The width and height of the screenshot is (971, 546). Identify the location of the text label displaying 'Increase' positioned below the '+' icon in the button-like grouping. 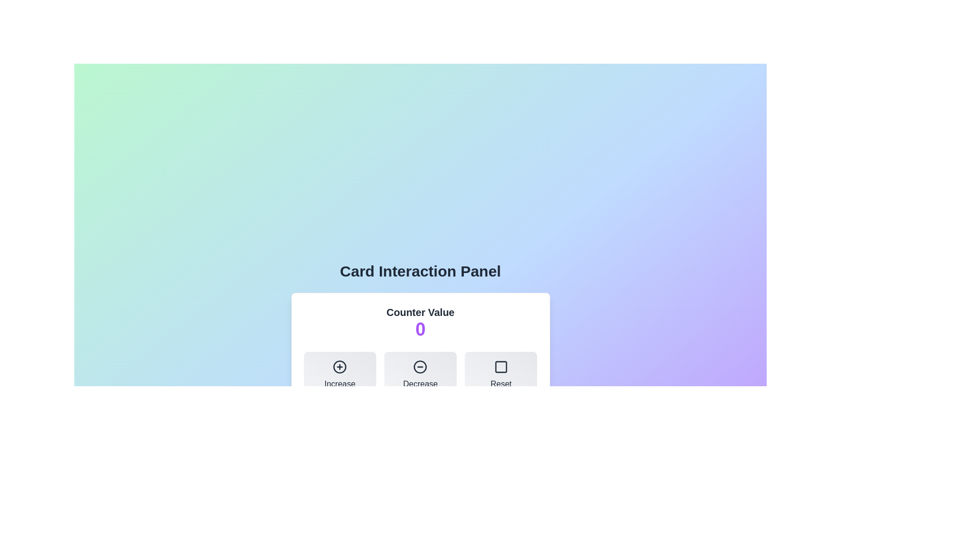
(340, 384).